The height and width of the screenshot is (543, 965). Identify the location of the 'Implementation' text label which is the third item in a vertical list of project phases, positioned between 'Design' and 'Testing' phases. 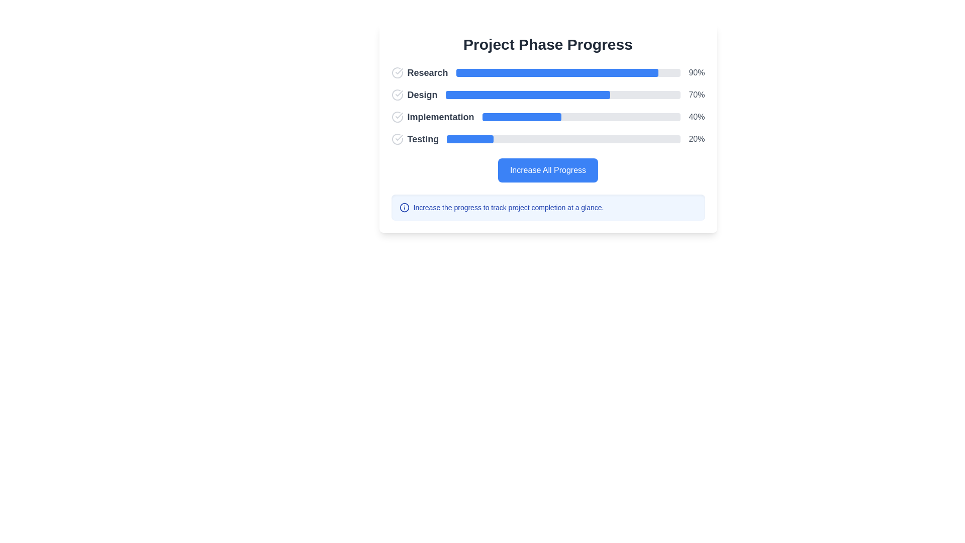
(432, 116).